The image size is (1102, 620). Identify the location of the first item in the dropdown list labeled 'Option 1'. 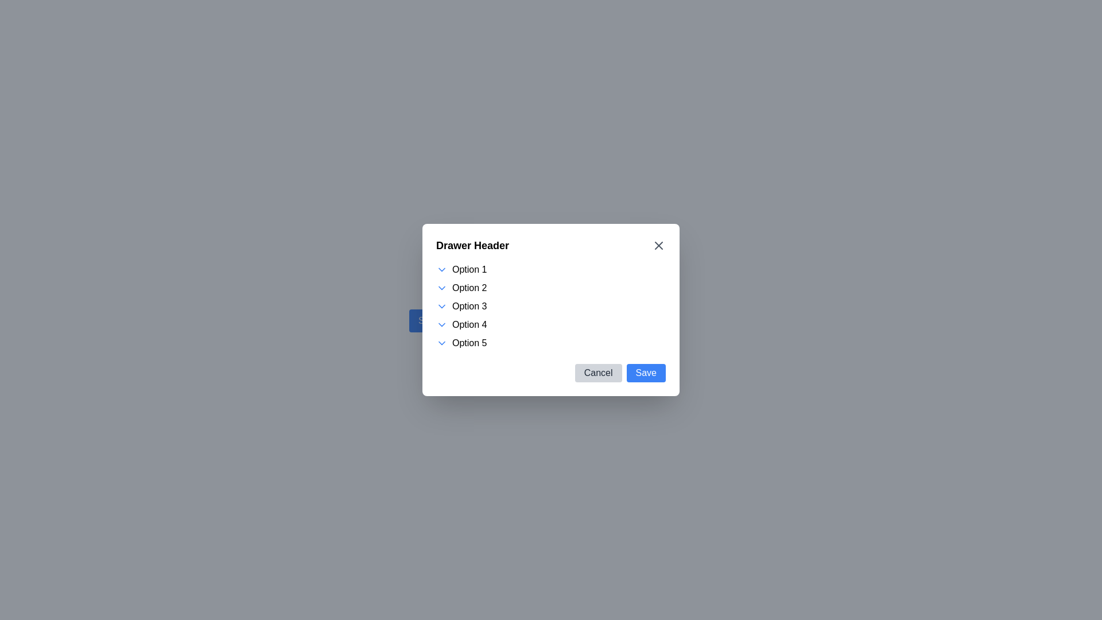
(551, 270).